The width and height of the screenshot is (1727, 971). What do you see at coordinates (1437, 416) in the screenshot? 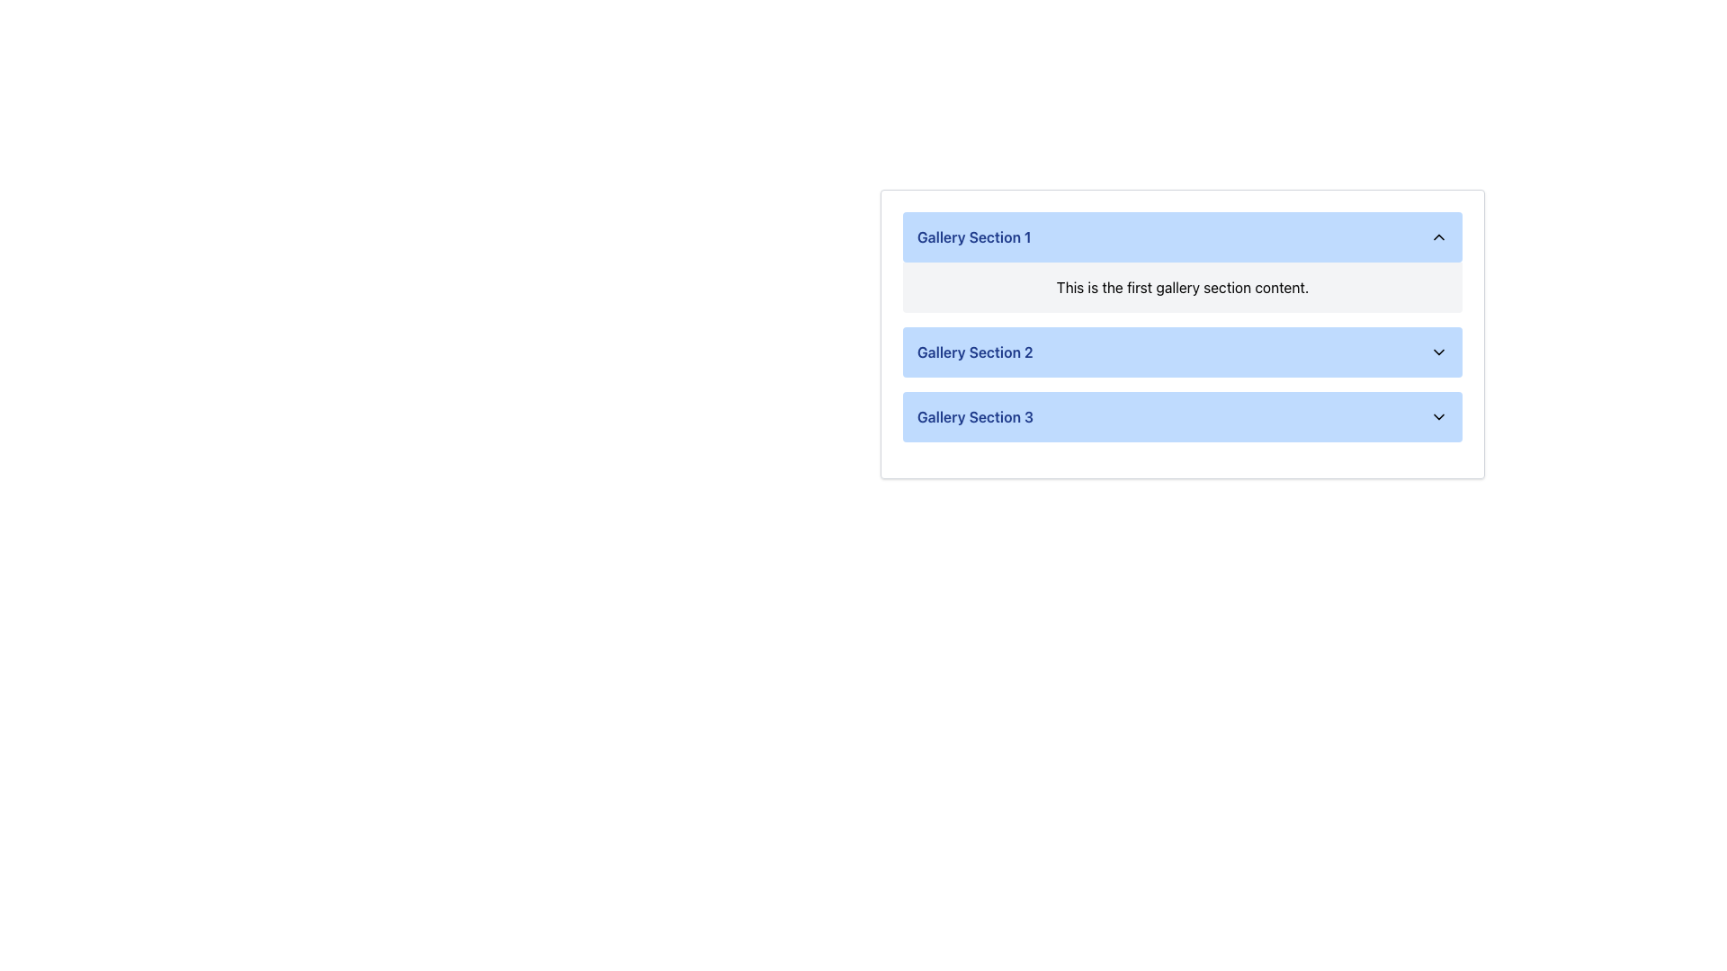
I see `the downward chevron icon located at the far-right of the 'Gallery Section 3'` at bounding box center [1437, 416].